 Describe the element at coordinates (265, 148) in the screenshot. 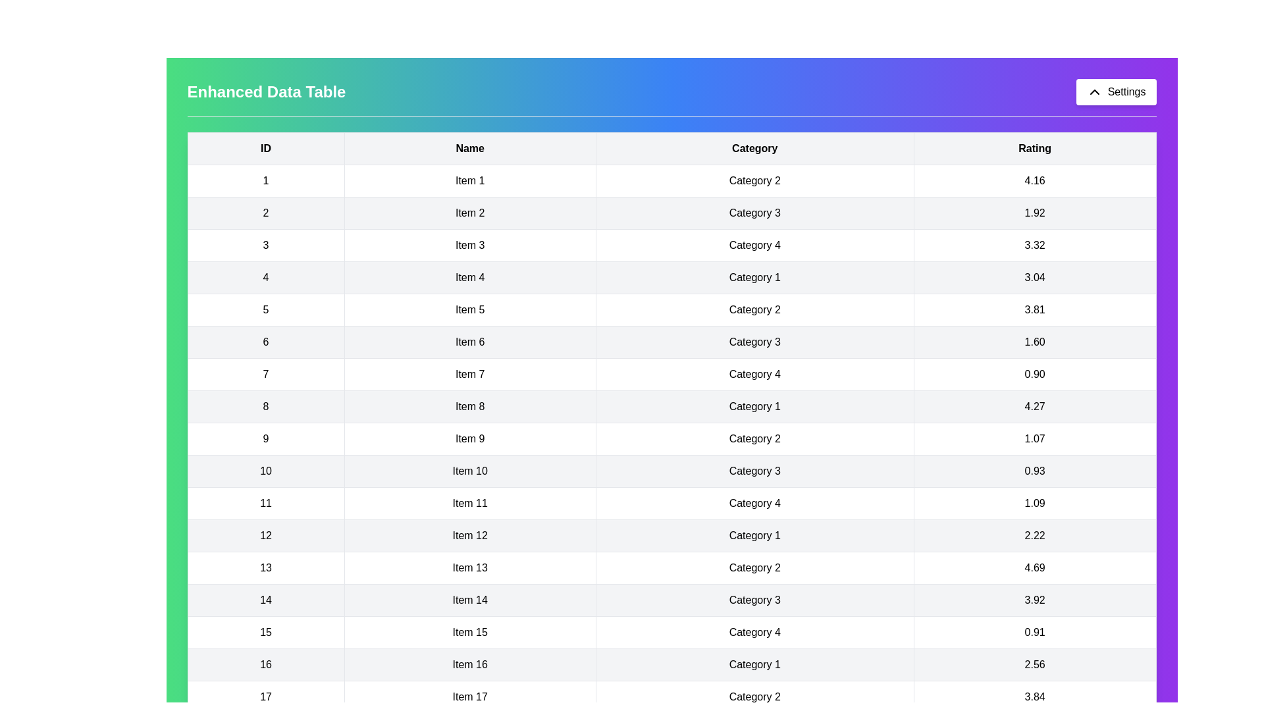

I see `the table header ID to examine it` at that location.